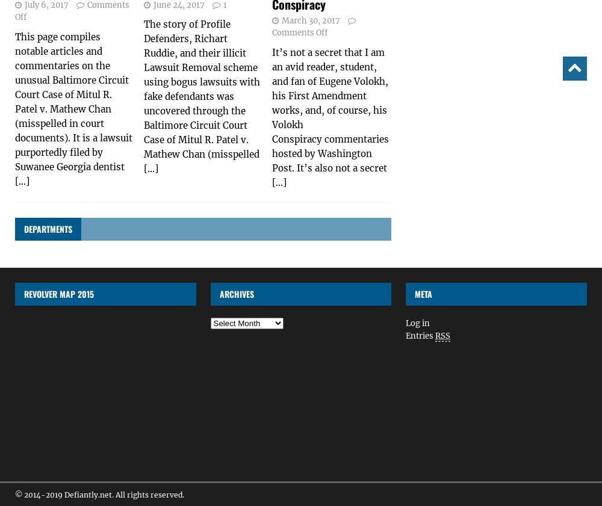  What do you see at coordinates (299, 32) in the screenshot?
I see `'Comments Off'` at bounding box center [299, 32].